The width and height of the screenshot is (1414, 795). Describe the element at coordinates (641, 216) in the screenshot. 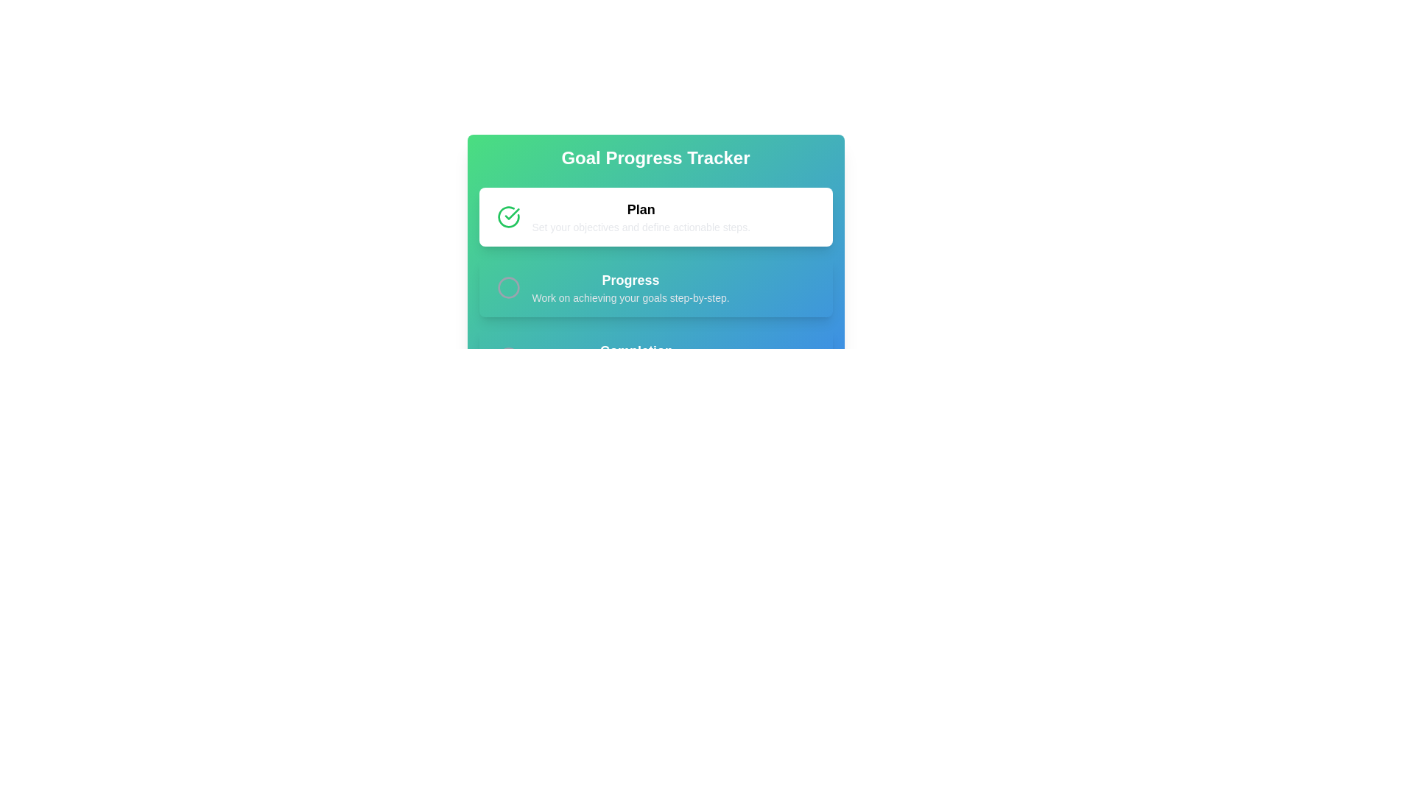

I see `the Text Block titled 'Plan', which contains the description 'Set your objectives and define actionable steps.'` at that location.